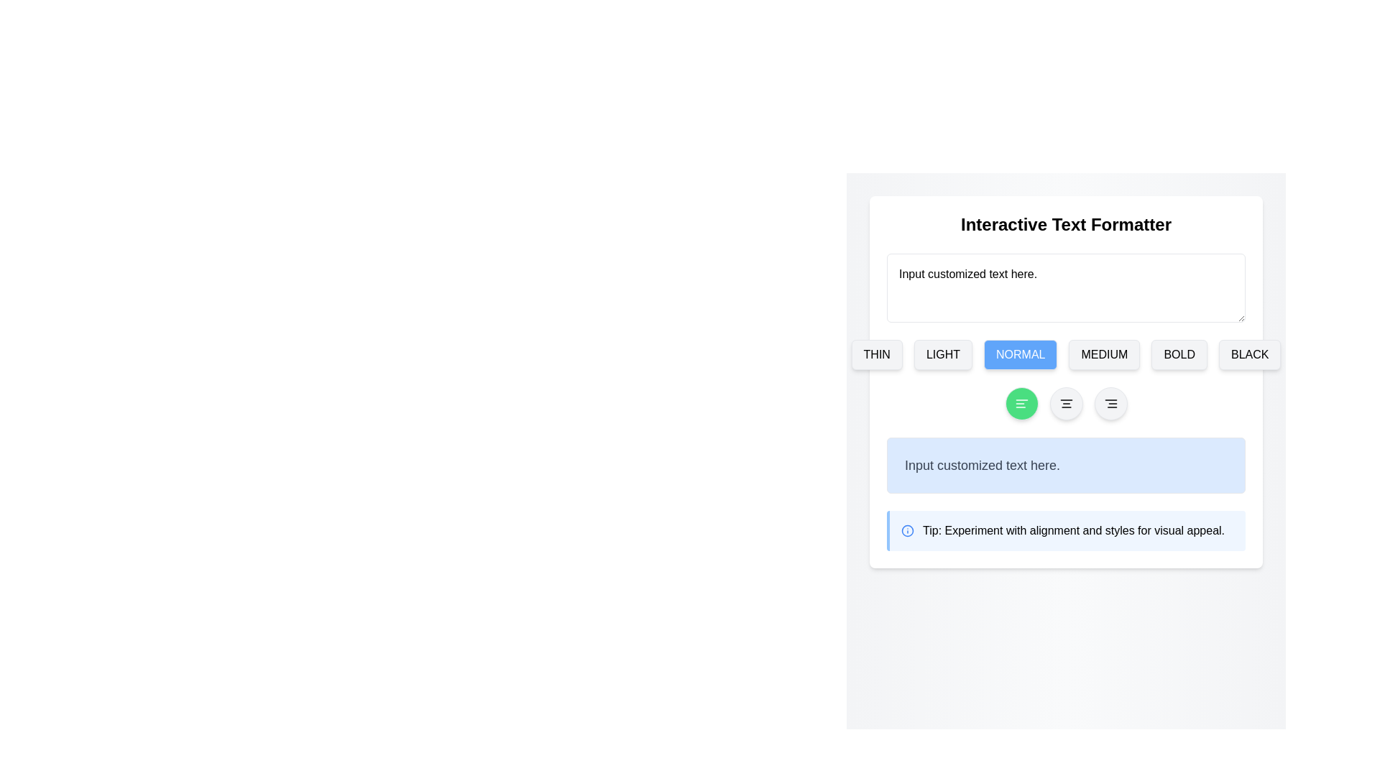 This screenshot has width=1380, height=776. Describe the element at coordinates (1021, 404) in the screenshot. I see `the icon represented by three horizontal lines with a green circular background located centrally beneath the 'NORMAL' button` at that location.